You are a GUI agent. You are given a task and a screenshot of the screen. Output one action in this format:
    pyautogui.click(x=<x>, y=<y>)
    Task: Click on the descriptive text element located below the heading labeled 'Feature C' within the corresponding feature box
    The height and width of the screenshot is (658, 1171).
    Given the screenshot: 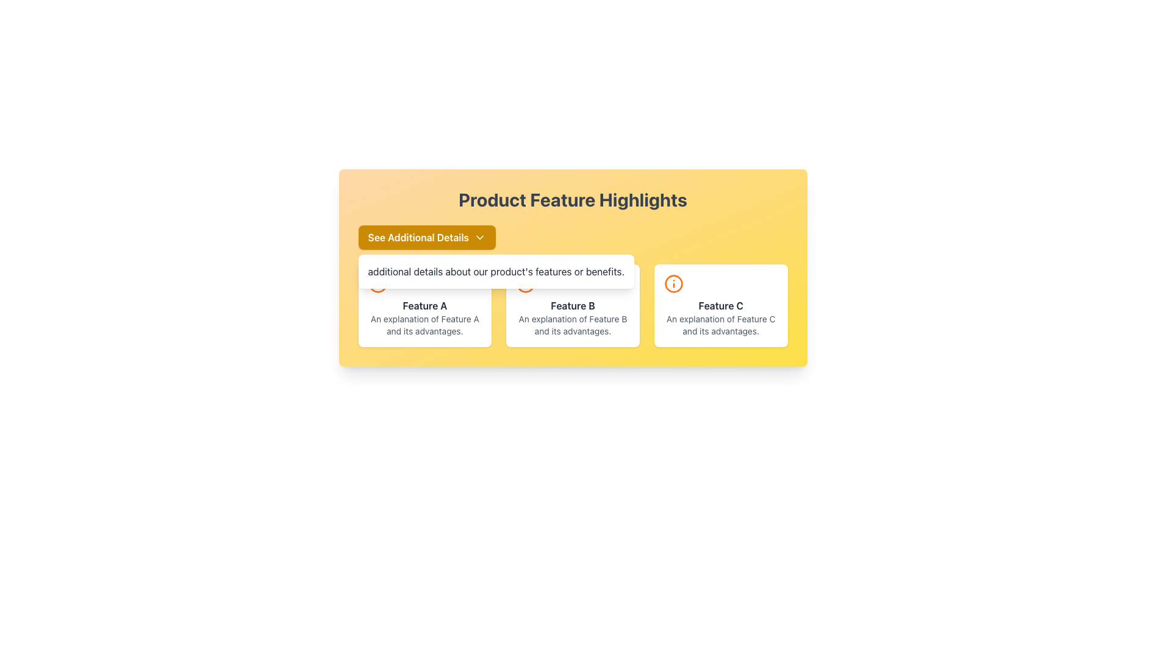 What is the action you would take?
    pyautogui.click(x=721, y=324)
    